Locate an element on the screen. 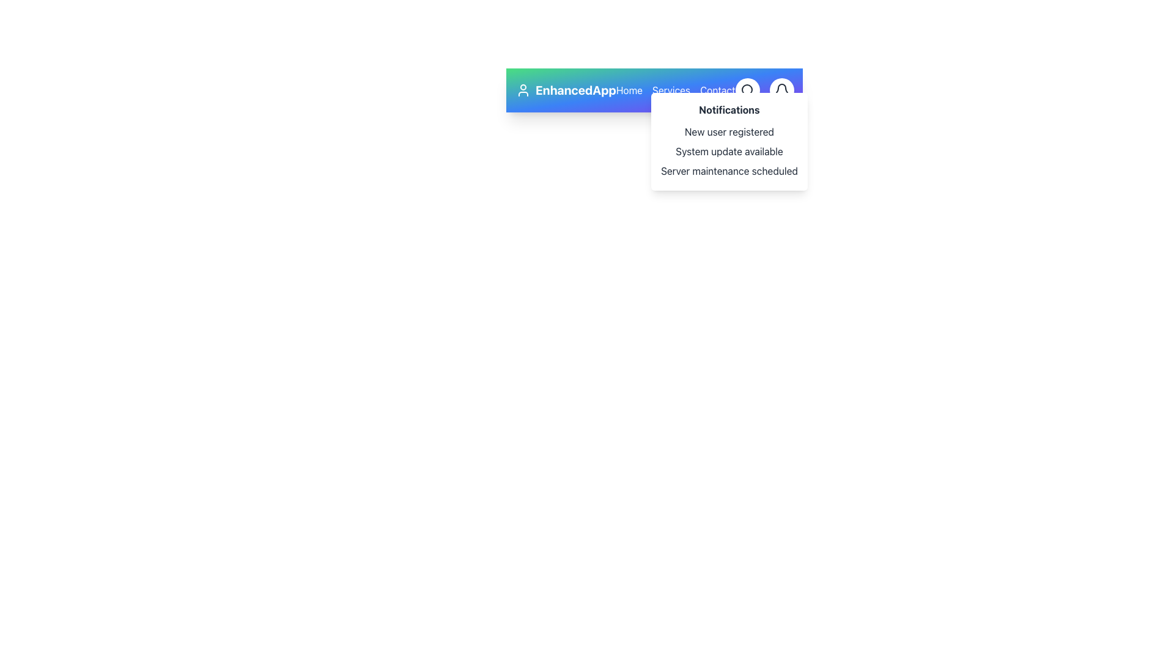 The image size is (1174, 660). the 'Notifications' dropdown panel located at the top-right corner of the interface is located at coordinates (729, 141).